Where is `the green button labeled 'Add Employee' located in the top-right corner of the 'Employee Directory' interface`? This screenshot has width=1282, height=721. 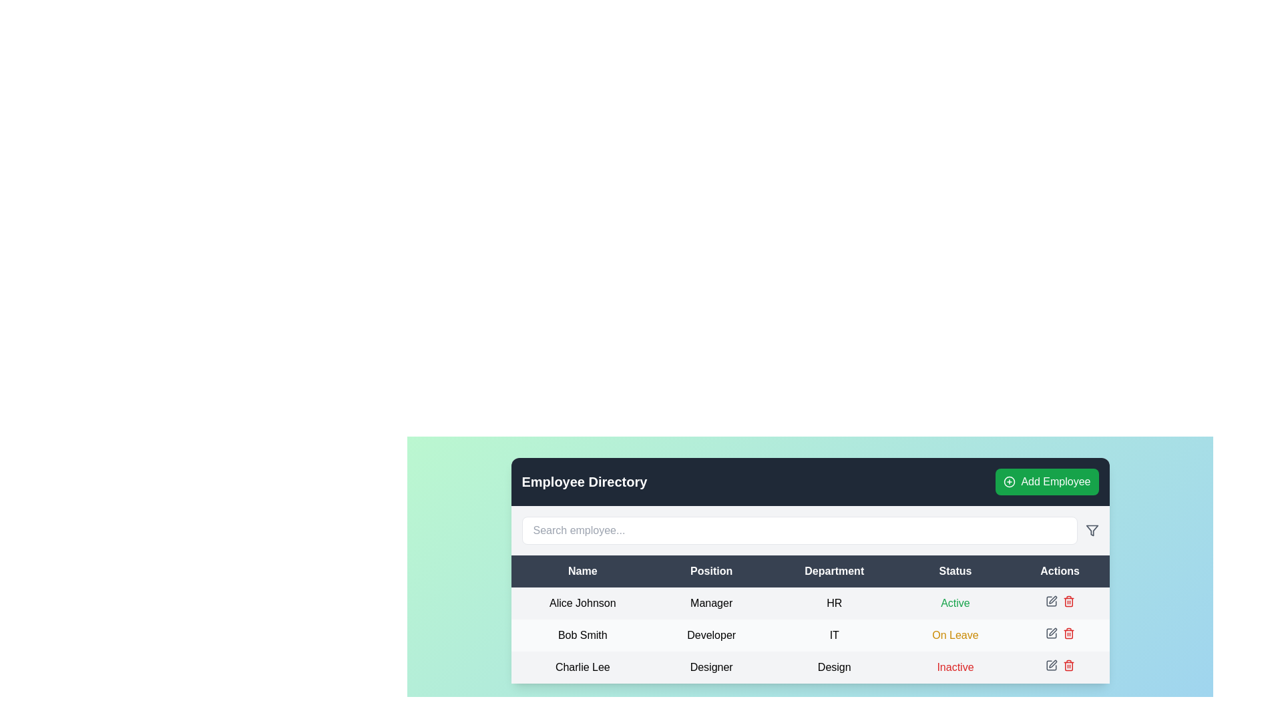 the green button labeled 'Add Employee' located in the top-right corner of the 'Employee Directory' interface is located at coordinates (1046, 481).